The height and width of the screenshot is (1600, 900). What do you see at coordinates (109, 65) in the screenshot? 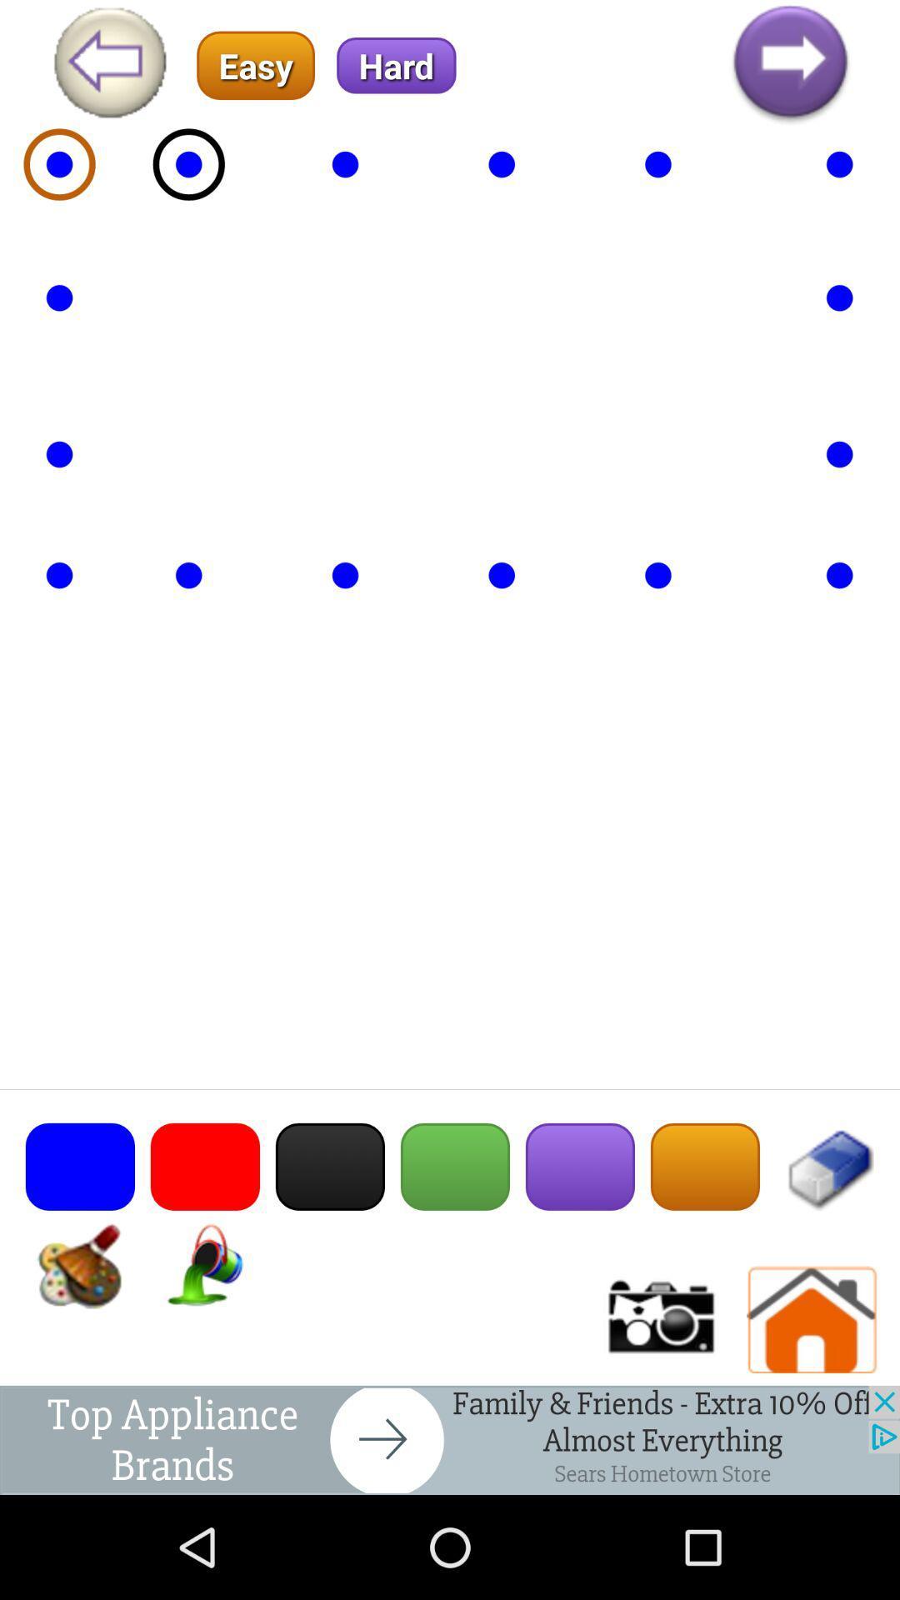
I see `go back` at bounding box center [109, 65].